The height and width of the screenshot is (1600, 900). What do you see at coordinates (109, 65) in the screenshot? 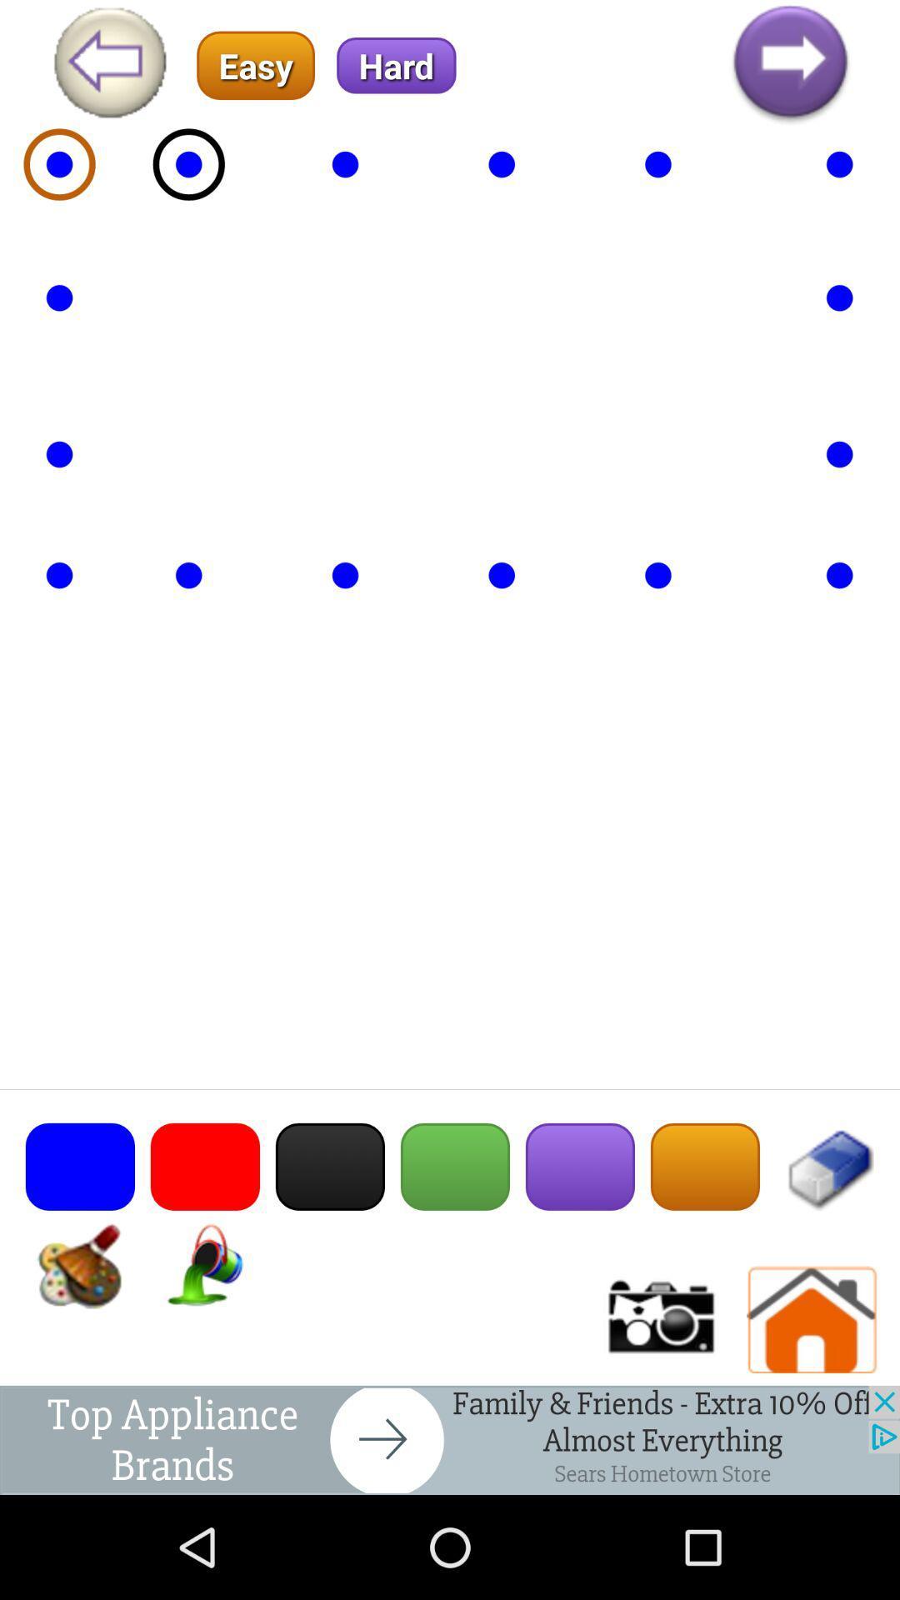
I see `go back` at bounding box center [109, 65].